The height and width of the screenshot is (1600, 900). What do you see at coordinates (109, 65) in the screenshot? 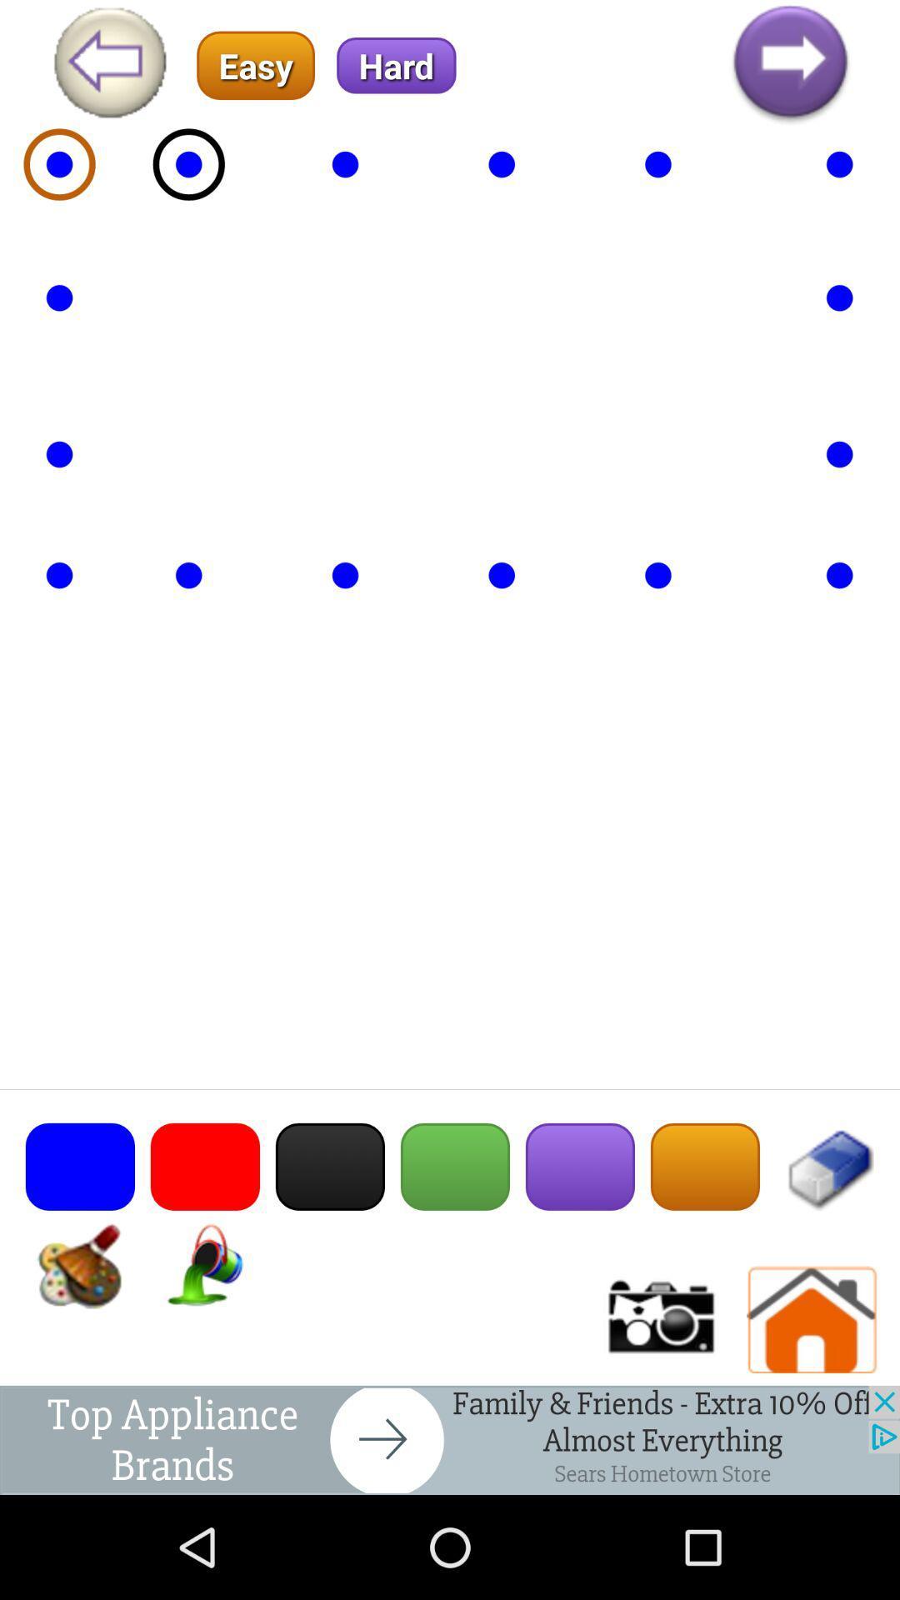
I see `go back` at bounding box center [109, 65].